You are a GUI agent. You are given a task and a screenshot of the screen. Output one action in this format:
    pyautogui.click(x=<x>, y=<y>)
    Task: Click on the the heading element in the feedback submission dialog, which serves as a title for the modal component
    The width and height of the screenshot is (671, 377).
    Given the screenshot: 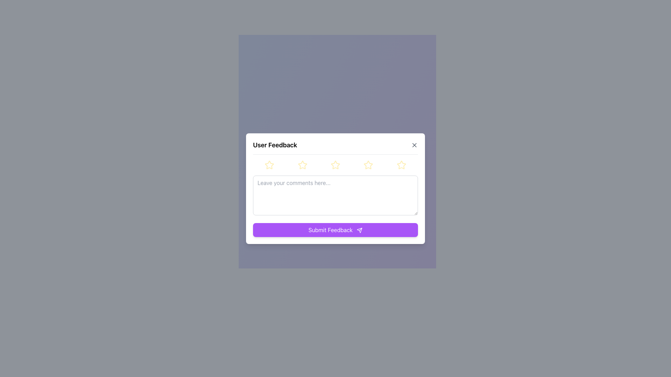 What is the action you would take?
    pyautogui.click(x=275, y=145)
    